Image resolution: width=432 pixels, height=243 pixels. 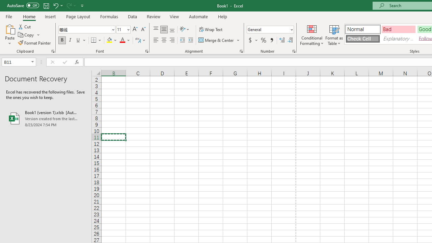 I want to click on 'Underline', so click(x=81, y=40).